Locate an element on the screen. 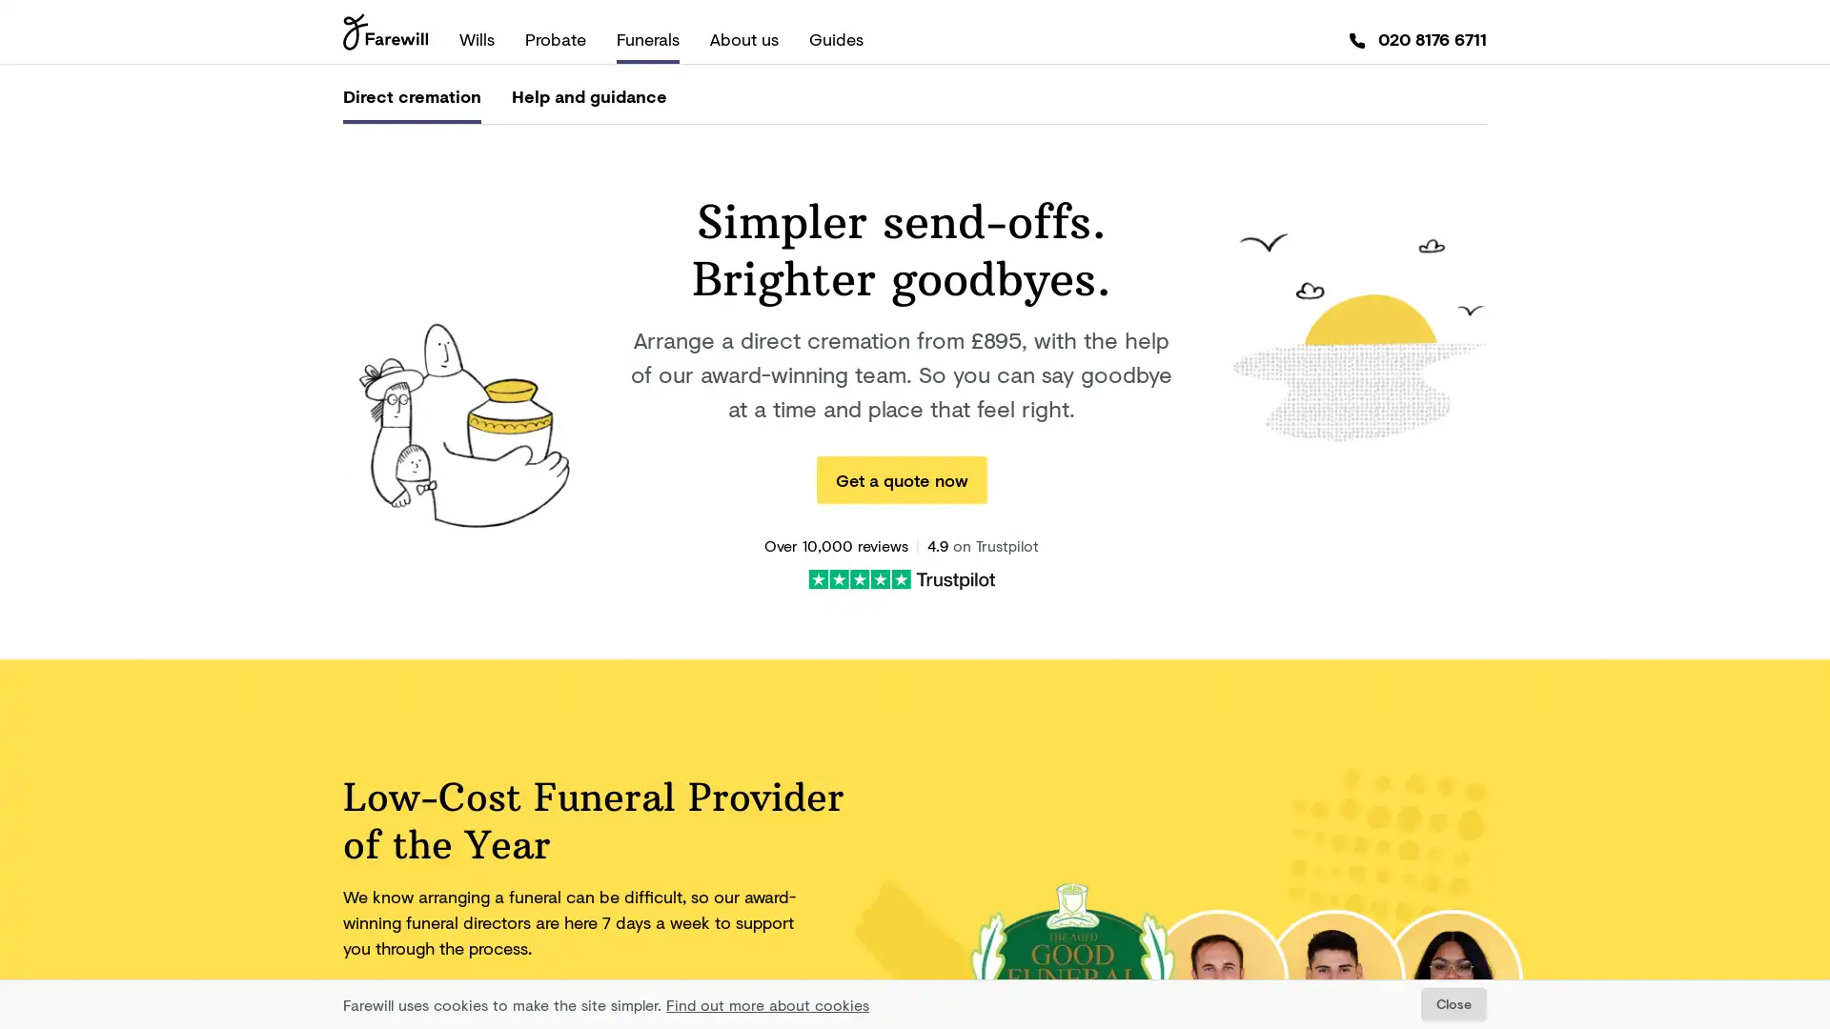 This screenshot has width=1830, height=1029. Close cookie banner is located at coordinates (1453, 1003).